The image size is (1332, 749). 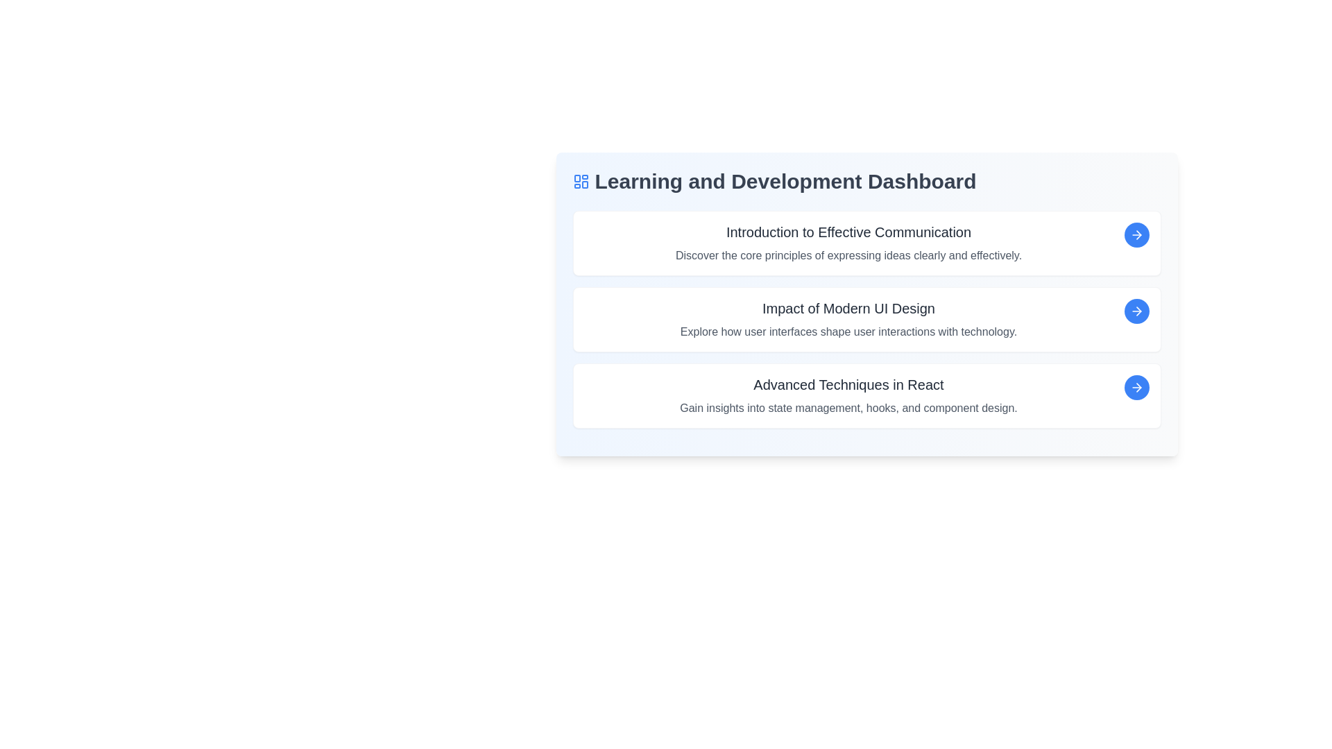 What do you see at coordinates (848, 320) in the screenshot?
I see `informational text block titled 'Impact of Modern UI Design', which contains a description about how user interfaces shape user interactions with technology` at bounding box center [848, 320].